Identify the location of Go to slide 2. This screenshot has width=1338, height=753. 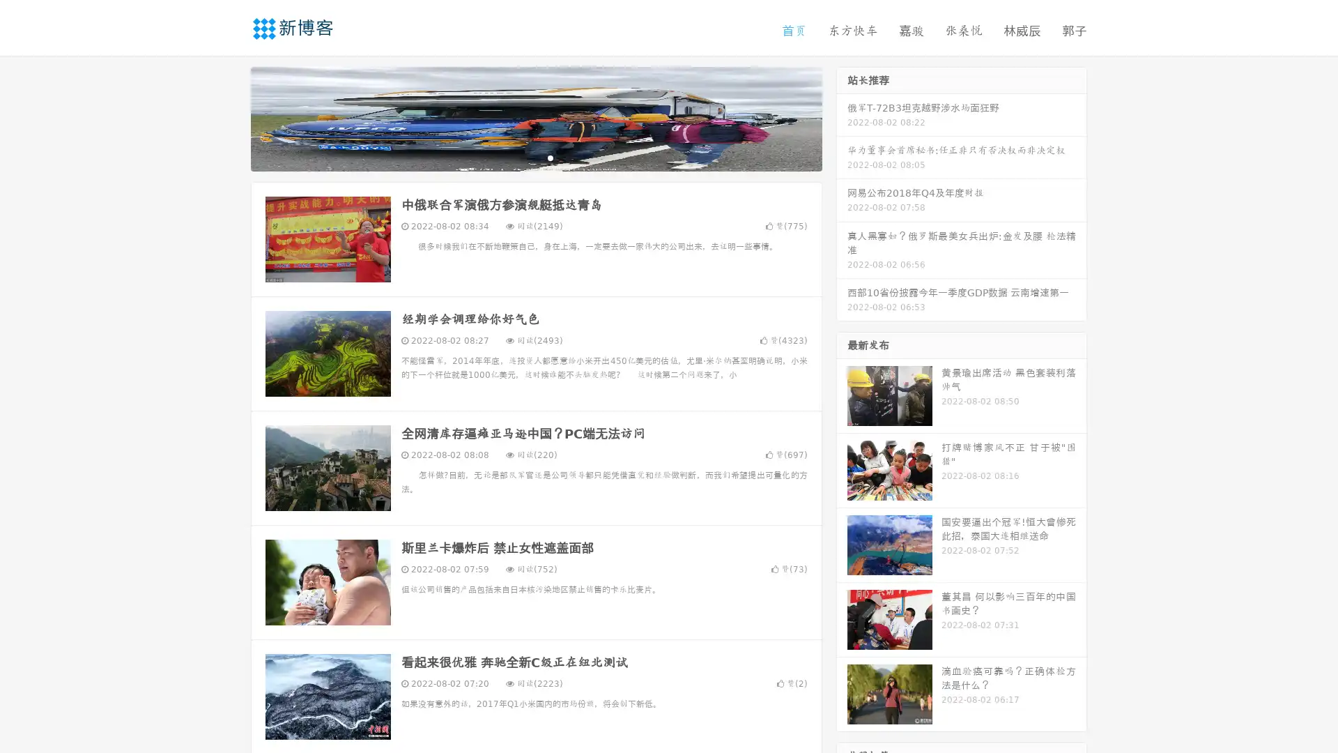
(535, 157).